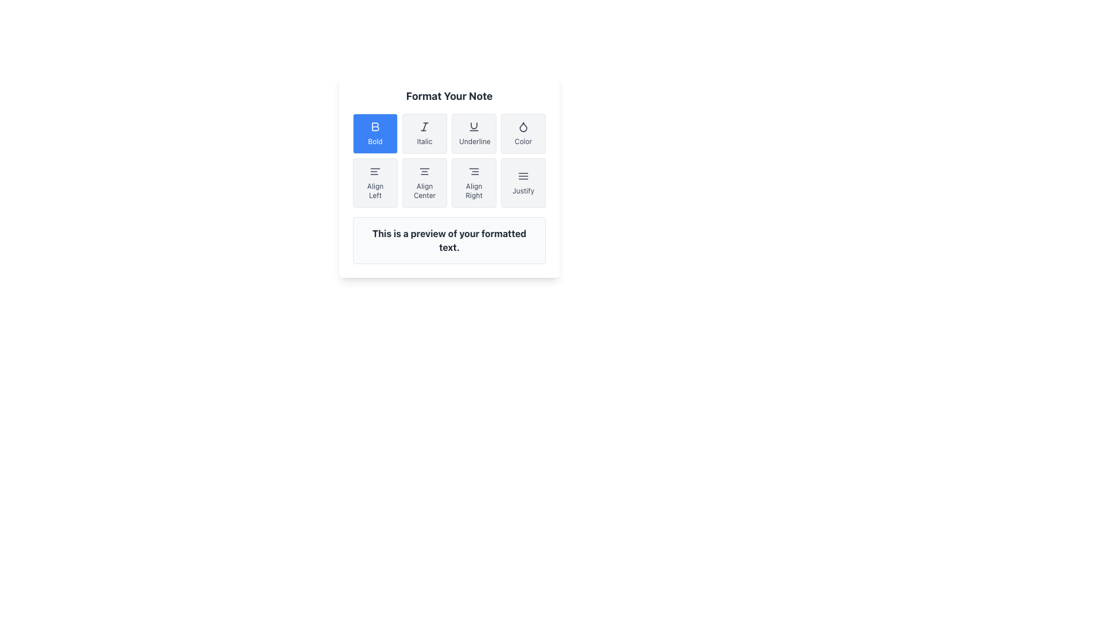  Describe the element at coordinates (523, 126) in the screenshot. I see `the water droplet icon inside the 'Color' button located at the top right of the format options grid` at that location.